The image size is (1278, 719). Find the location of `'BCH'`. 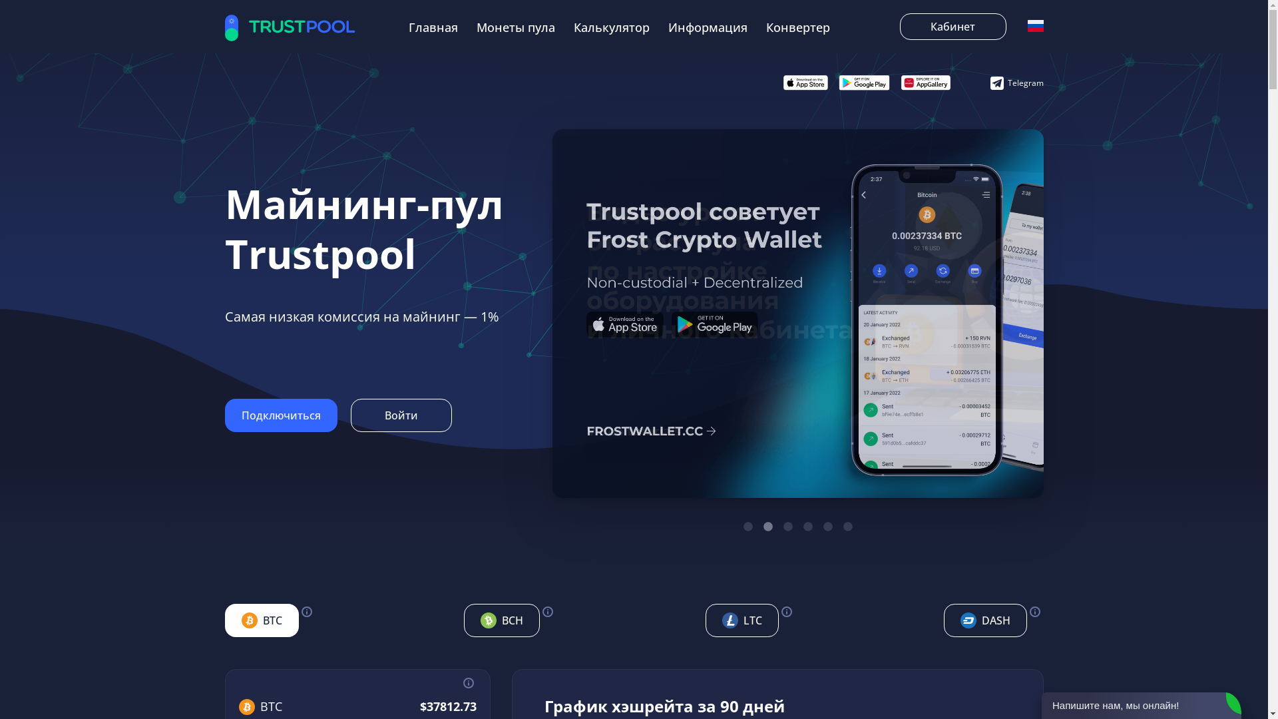

'BCH' is located at coordinates (501, 619).